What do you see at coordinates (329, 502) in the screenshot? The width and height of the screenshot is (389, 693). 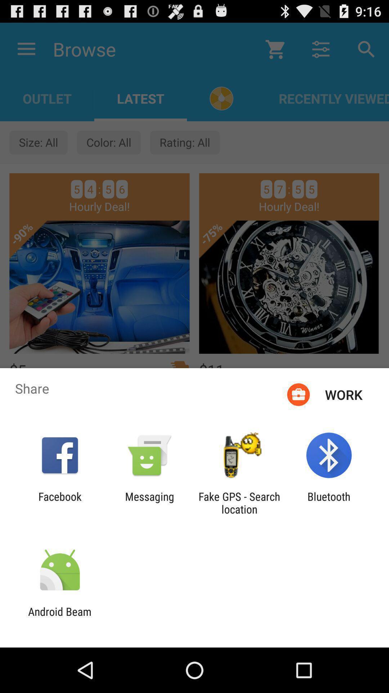 I see `the item at the bottom right corner` at bounding box center [329, 502].